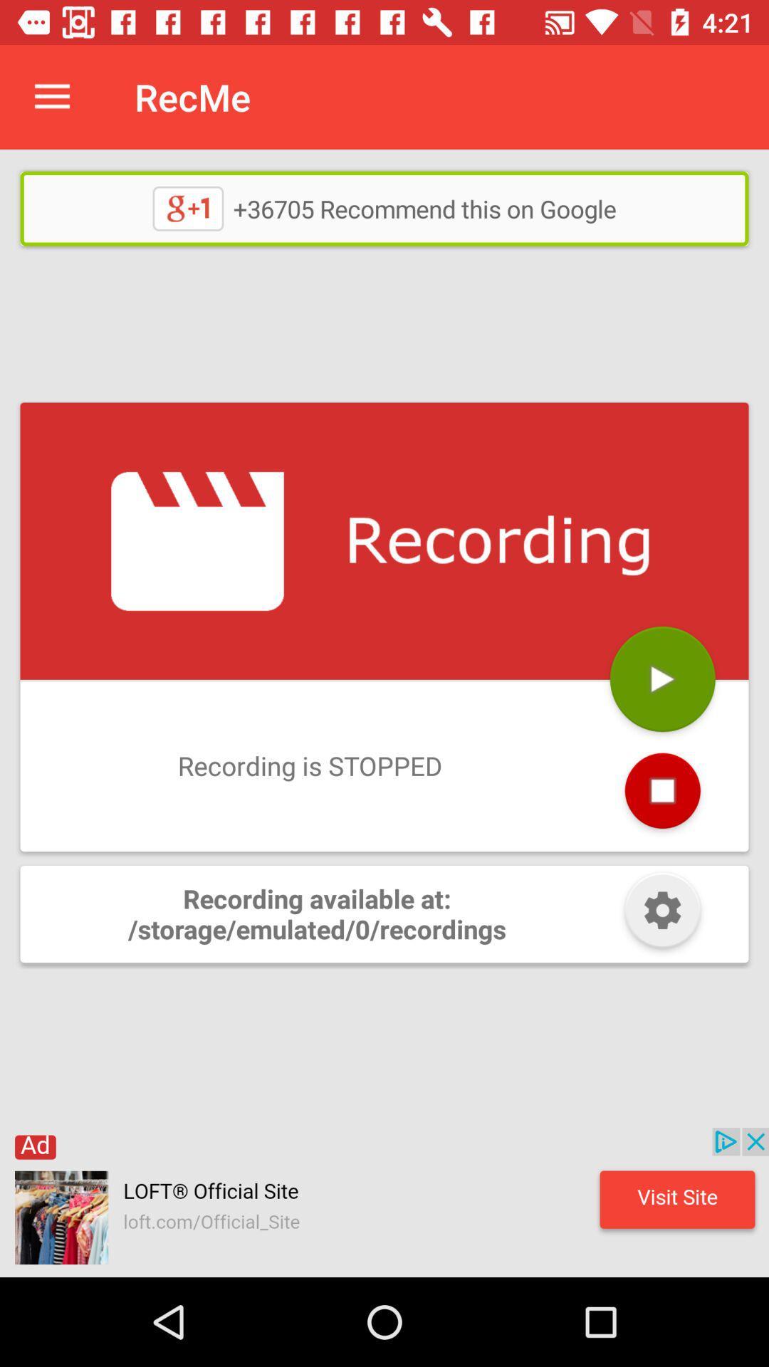 Image resolution: width=769 pixels, height=1367 pixels. Describe the element at coordinates (662, 913) in the screenshot. I see `display settings` at that location.